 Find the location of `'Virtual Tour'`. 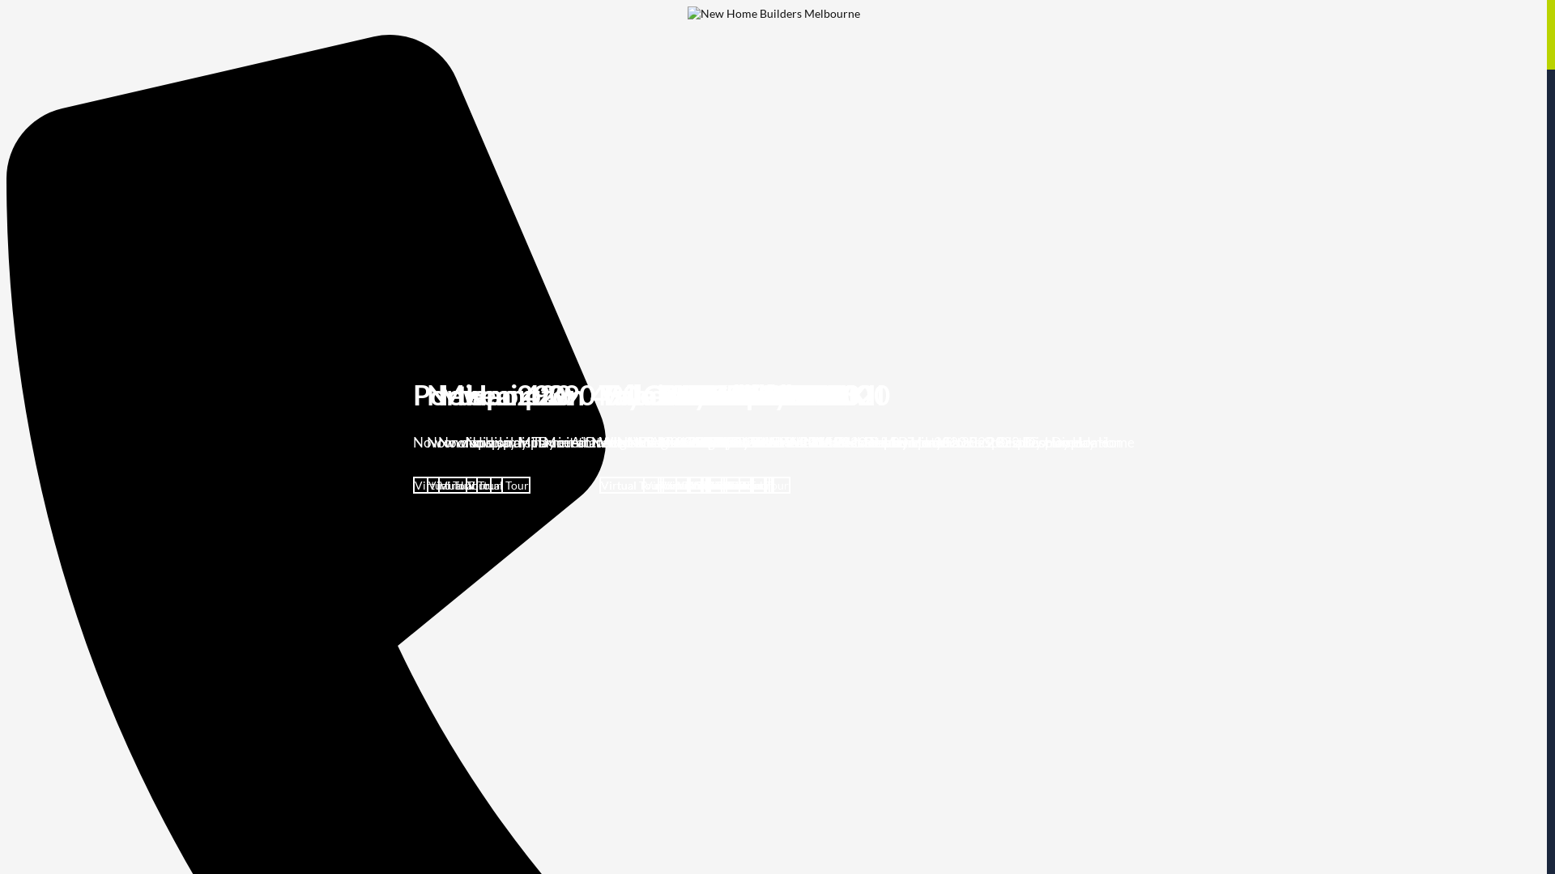

'Virtual Tour' is located at coordinates (688, 484).